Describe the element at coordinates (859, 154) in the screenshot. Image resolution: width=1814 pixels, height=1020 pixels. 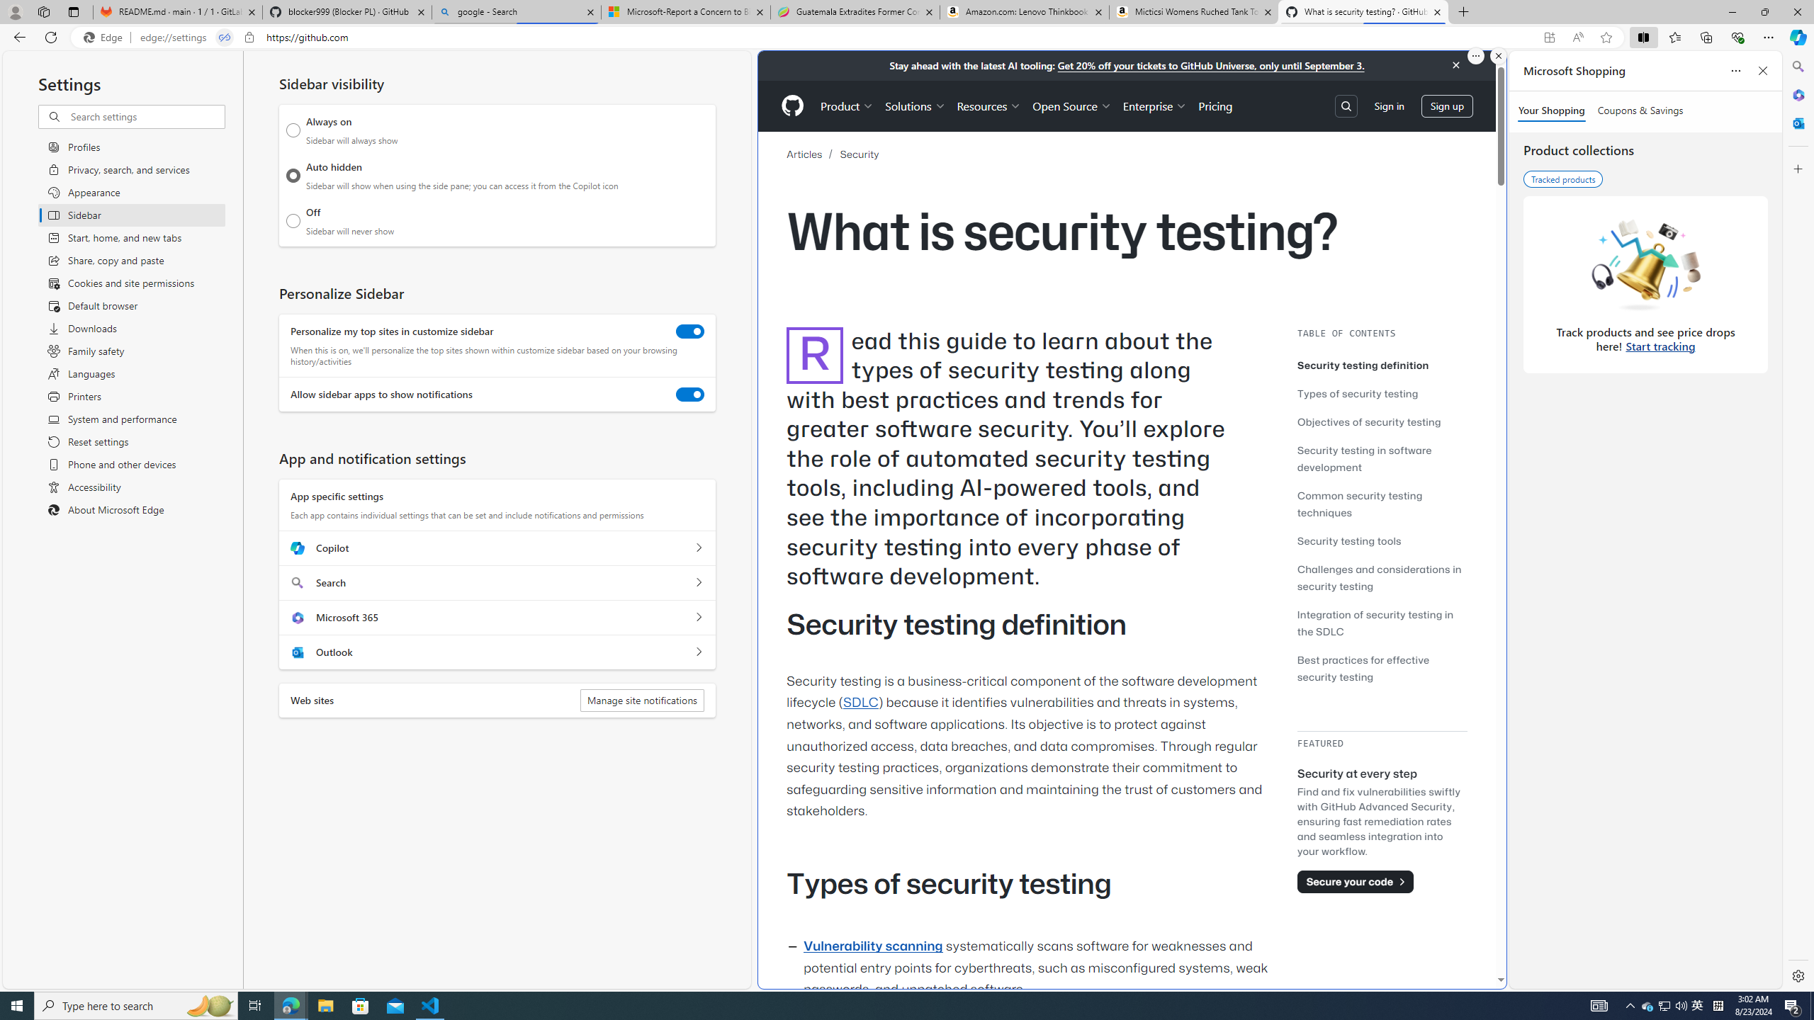
I see `'Security'` at that location.